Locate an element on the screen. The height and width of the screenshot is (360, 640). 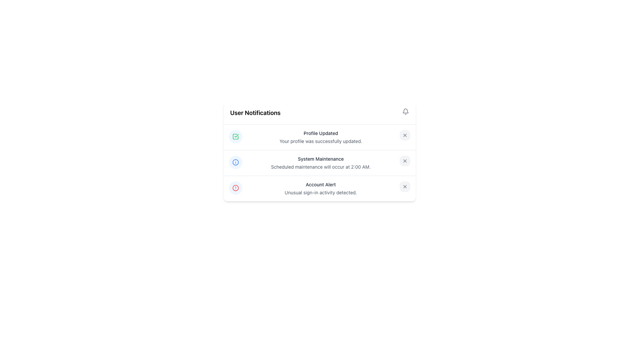
the icon representing the notification titled 'System Maintenance', which is located second from the top in the notifications area is located at coordinates (235, 162).